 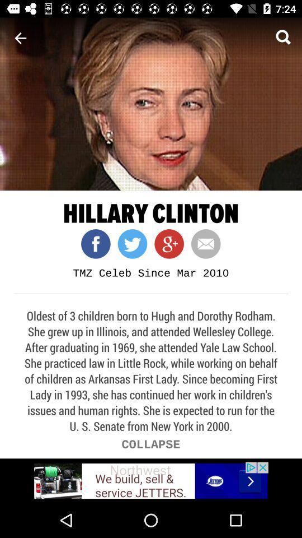 What do you see at coordinates (201, 244) in the screenshot?
I see `the email icon` at bounding box center [201, 244].